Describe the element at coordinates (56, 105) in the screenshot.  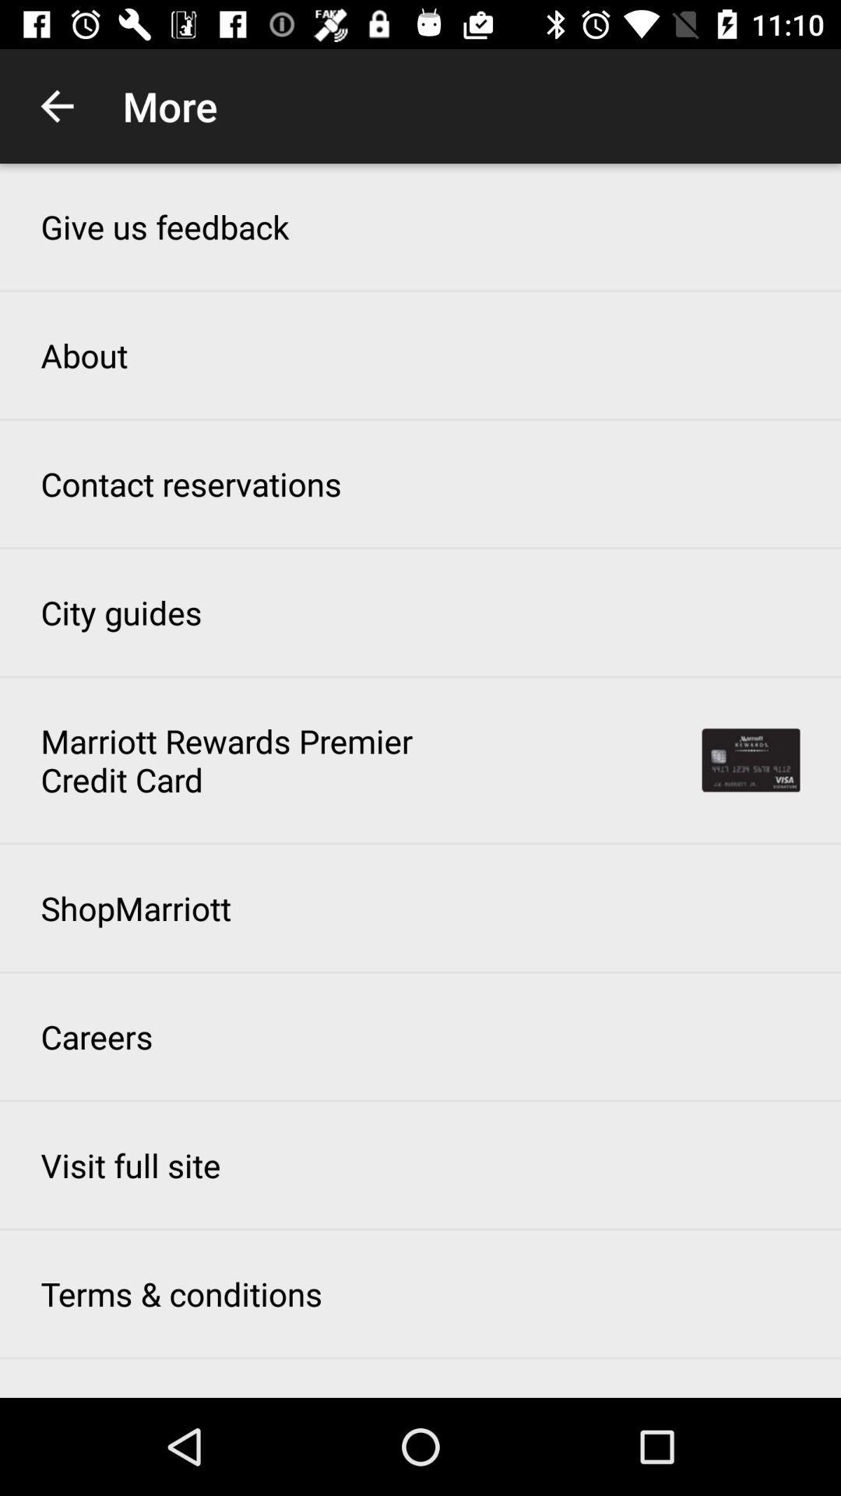
I see `item next to the more` at that location.